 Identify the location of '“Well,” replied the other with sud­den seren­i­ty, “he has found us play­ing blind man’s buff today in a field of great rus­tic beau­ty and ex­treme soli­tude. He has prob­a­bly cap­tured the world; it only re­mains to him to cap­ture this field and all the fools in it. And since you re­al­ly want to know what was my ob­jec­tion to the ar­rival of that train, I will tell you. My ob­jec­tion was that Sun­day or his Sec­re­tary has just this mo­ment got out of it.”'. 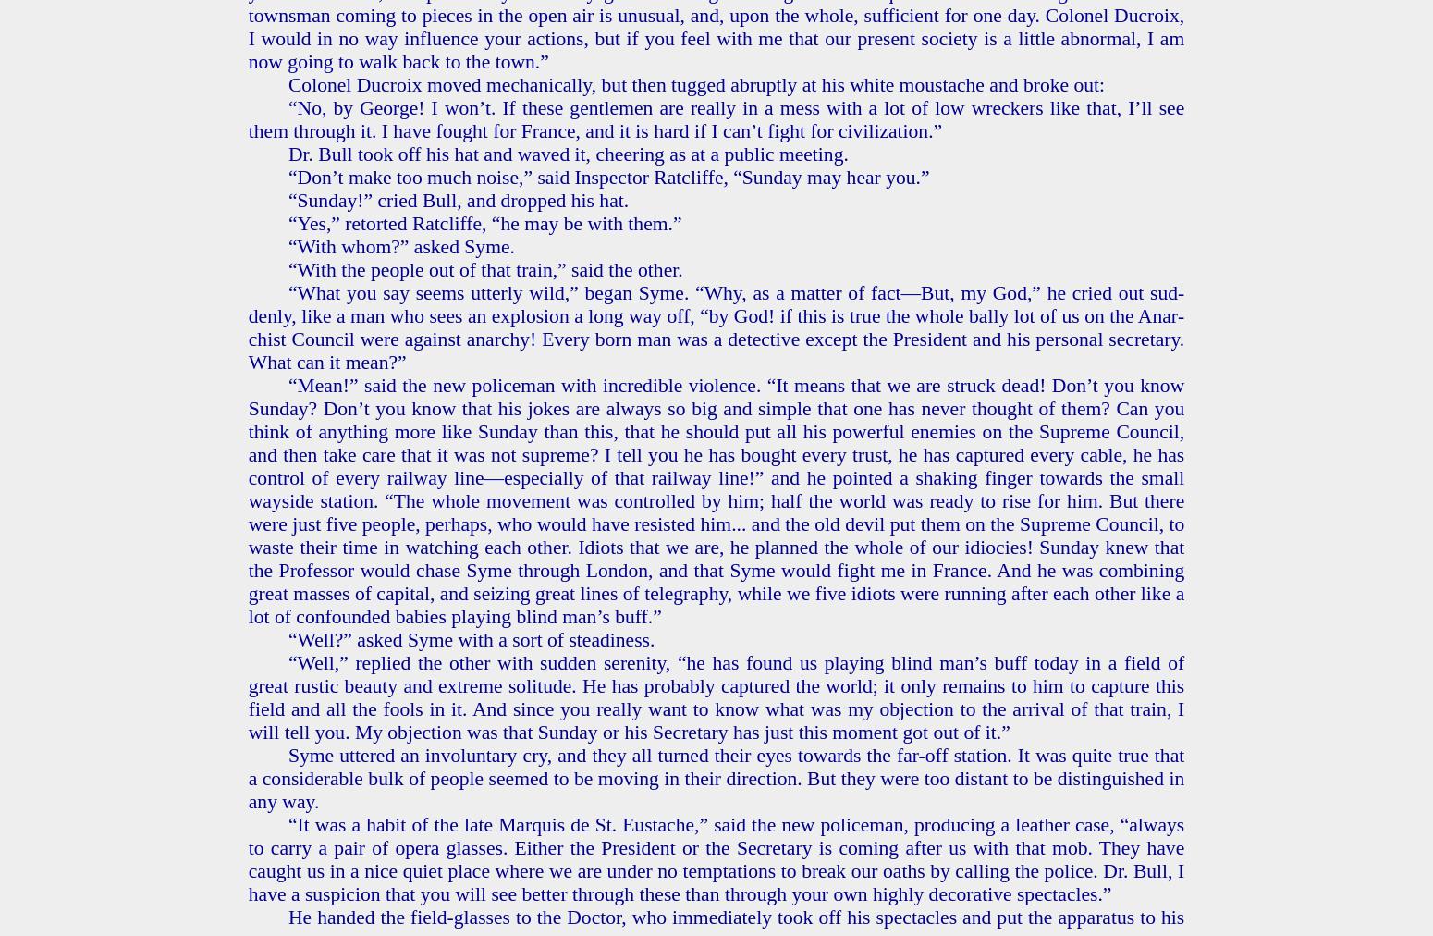
(716, 696).